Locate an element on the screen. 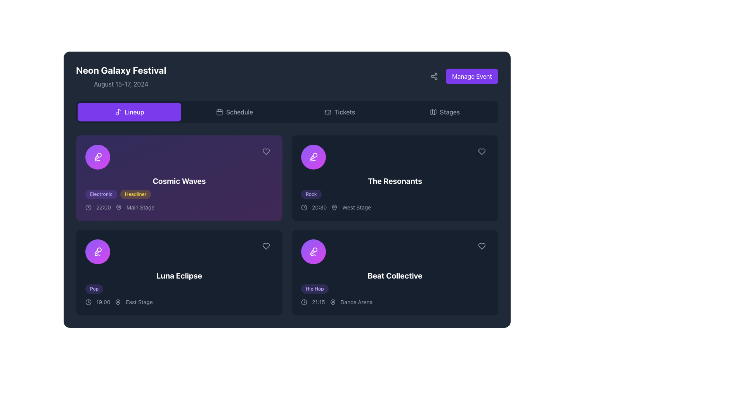  the 'Stages' button, which is the fourth tab in the horizontal tab bar is located at coordinates (445, 112).